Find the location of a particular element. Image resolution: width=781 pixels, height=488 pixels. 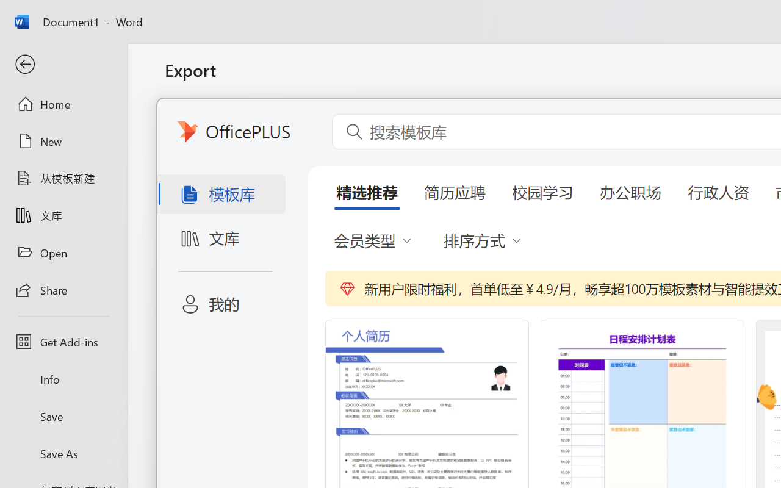

'Reload' is located at coordinates (57, 43).